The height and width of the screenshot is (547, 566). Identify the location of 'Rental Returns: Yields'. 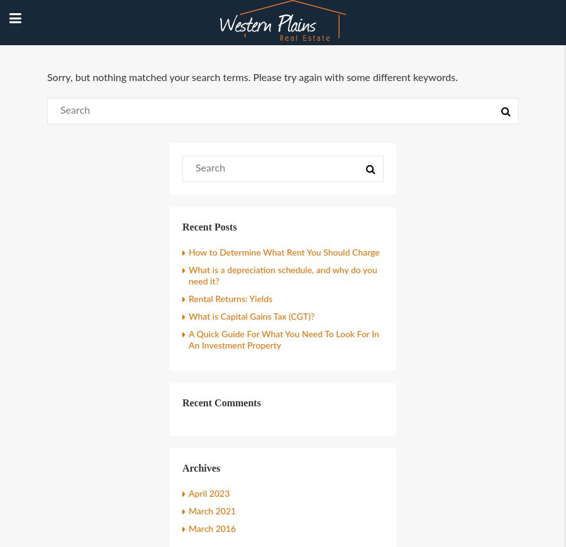
(230, 299).